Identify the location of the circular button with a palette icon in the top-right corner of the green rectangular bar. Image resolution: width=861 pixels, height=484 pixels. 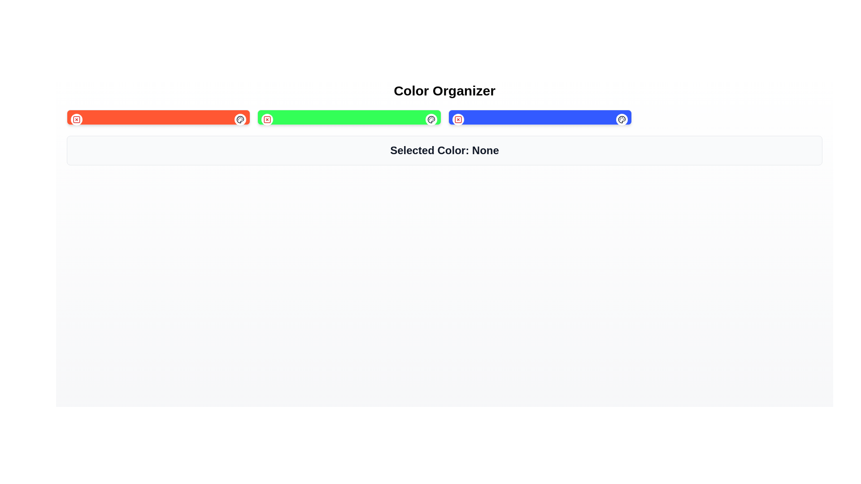
(431, 119).